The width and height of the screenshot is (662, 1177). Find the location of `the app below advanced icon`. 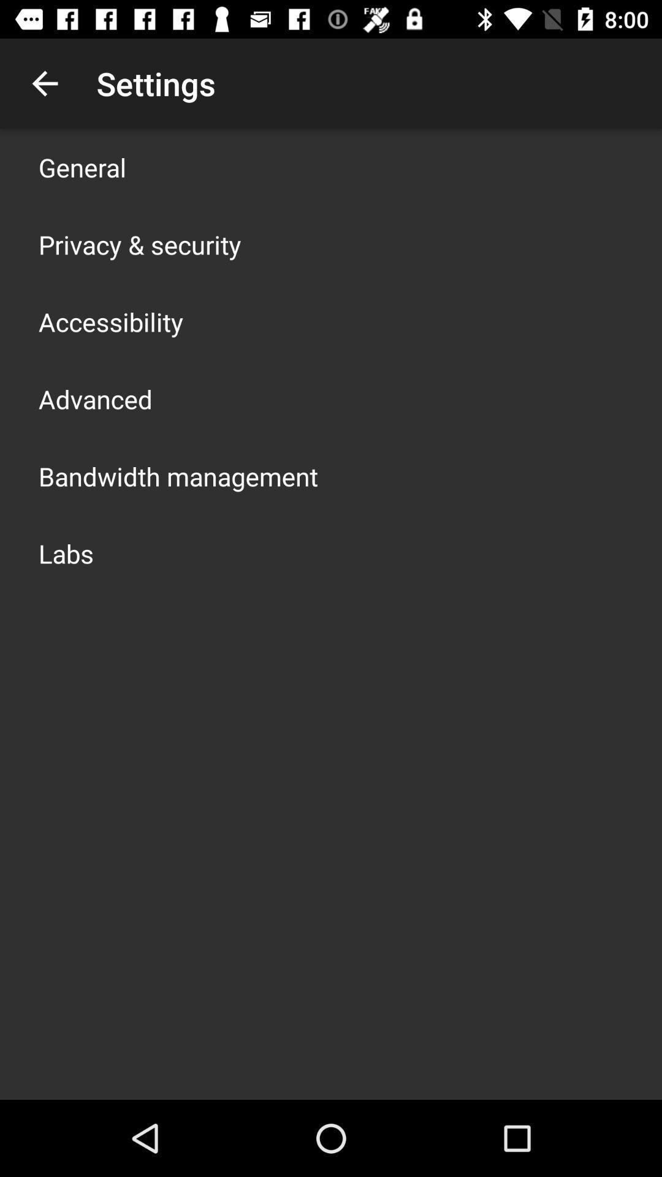

the app below advanced icon is located at coordinates (178, 476).